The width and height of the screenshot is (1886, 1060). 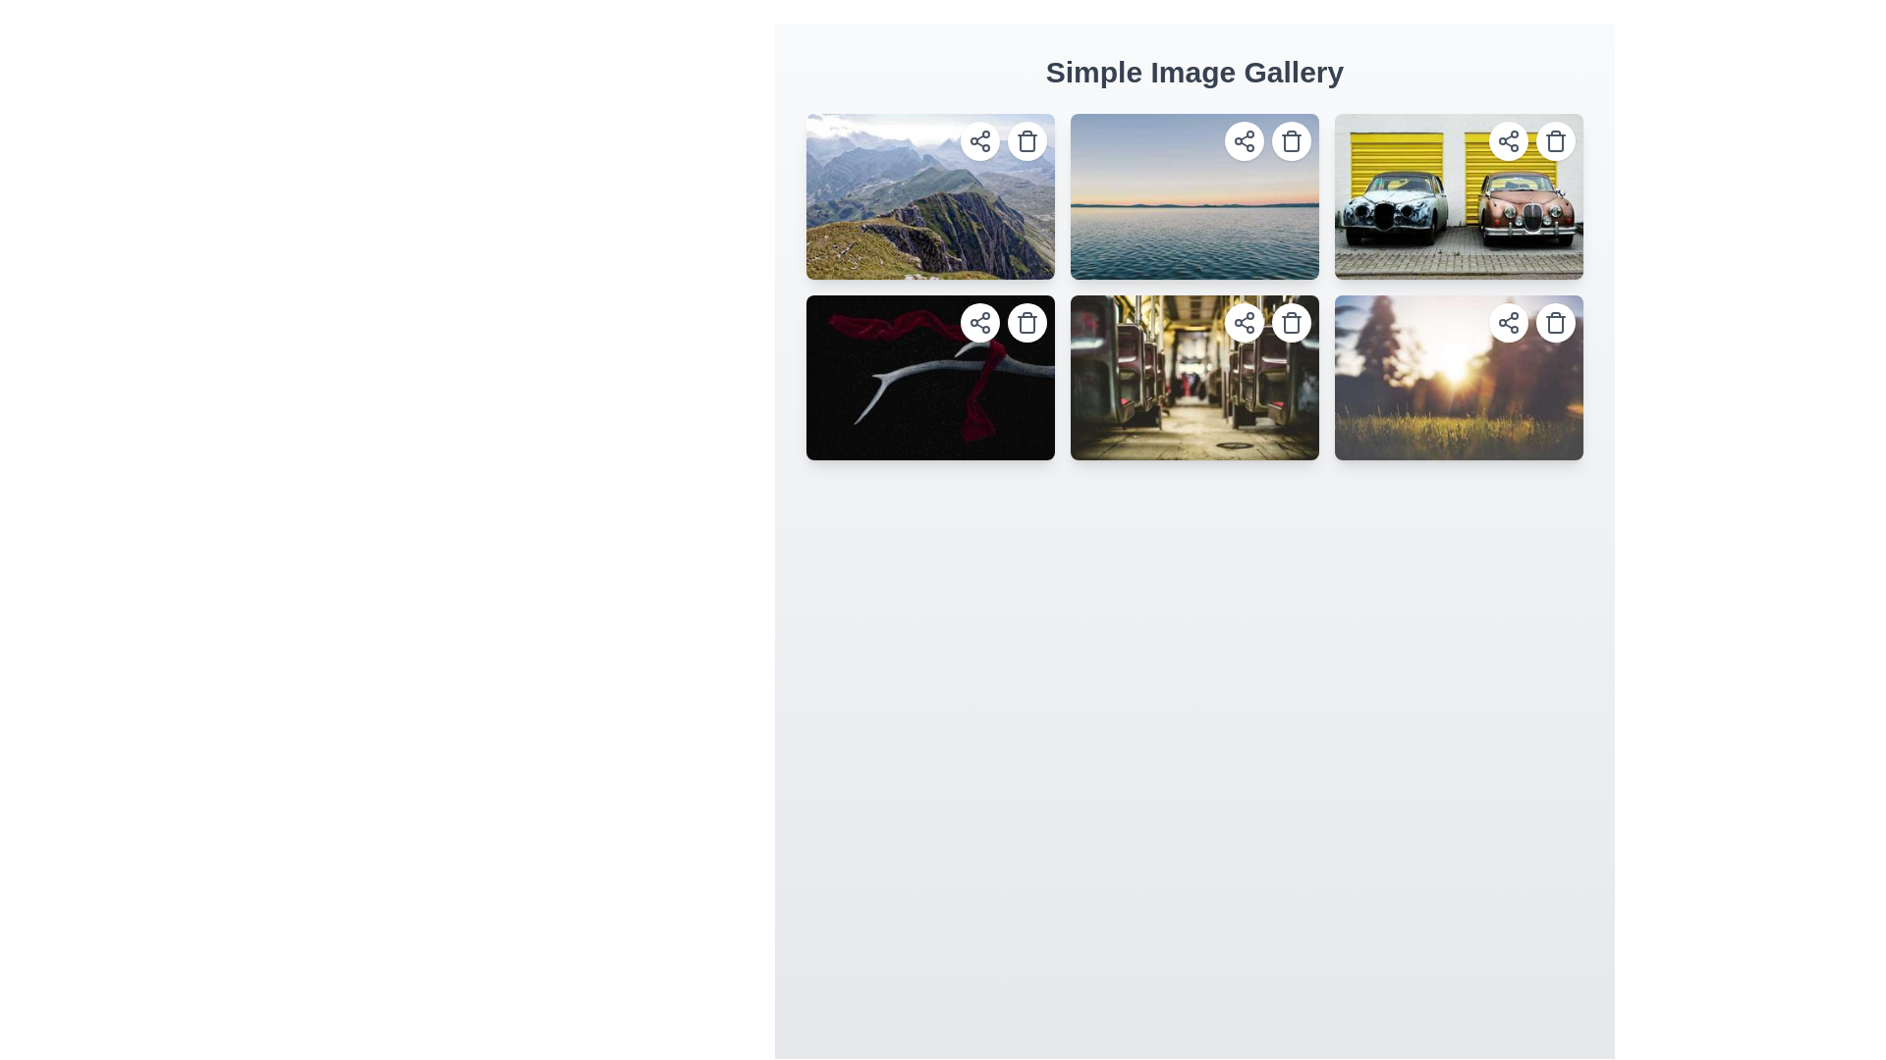 What do you see at coordinates (1268, 320) in the screenshot?
I see `the delete button located at the top-right corner of the image in the second row, third column of the gallery grid` at bounding box center [1268, 320].